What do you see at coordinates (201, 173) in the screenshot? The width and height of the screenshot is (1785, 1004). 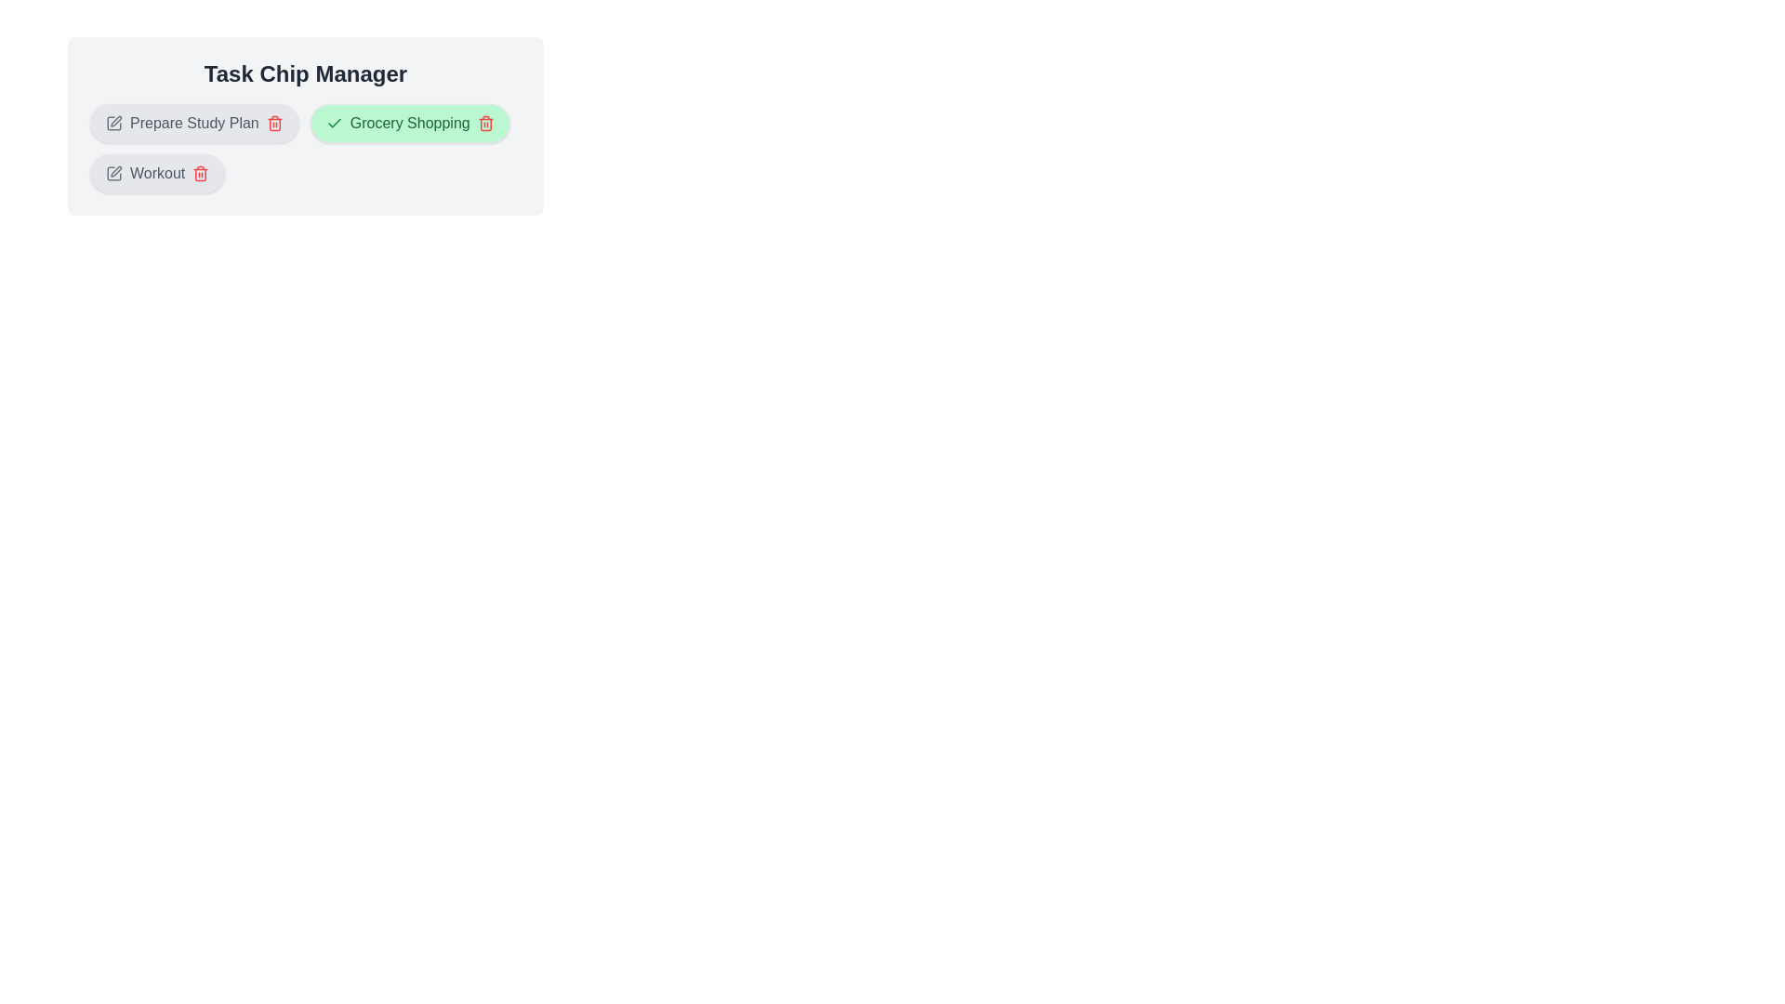 I see `the delete icon button located at the extreme right of the 'Workout' task` at bounding box center [201, 173].